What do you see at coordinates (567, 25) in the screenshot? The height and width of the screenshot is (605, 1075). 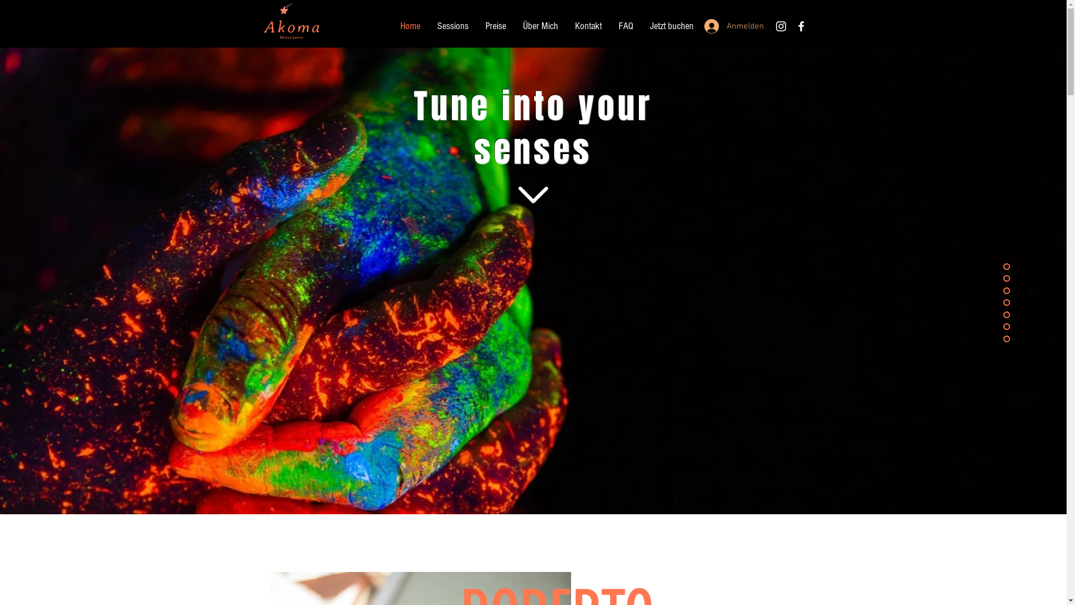 I see `'Kontakt'` at bounding box center [567, 25].